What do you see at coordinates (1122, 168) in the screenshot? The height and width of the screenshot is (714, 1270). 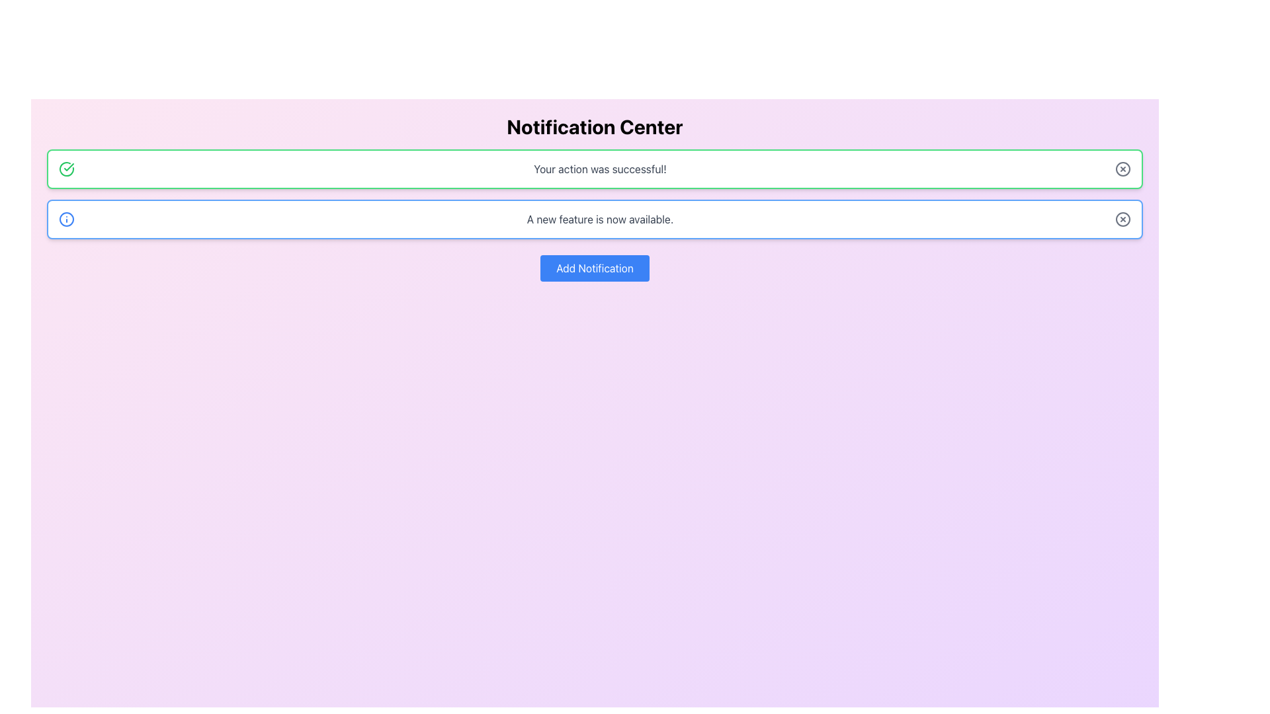 I see `the circular SVG graphic representing a circle with a cross inside, located in the first notification card at the top of the notification list` at bounding box center [1122, 168].